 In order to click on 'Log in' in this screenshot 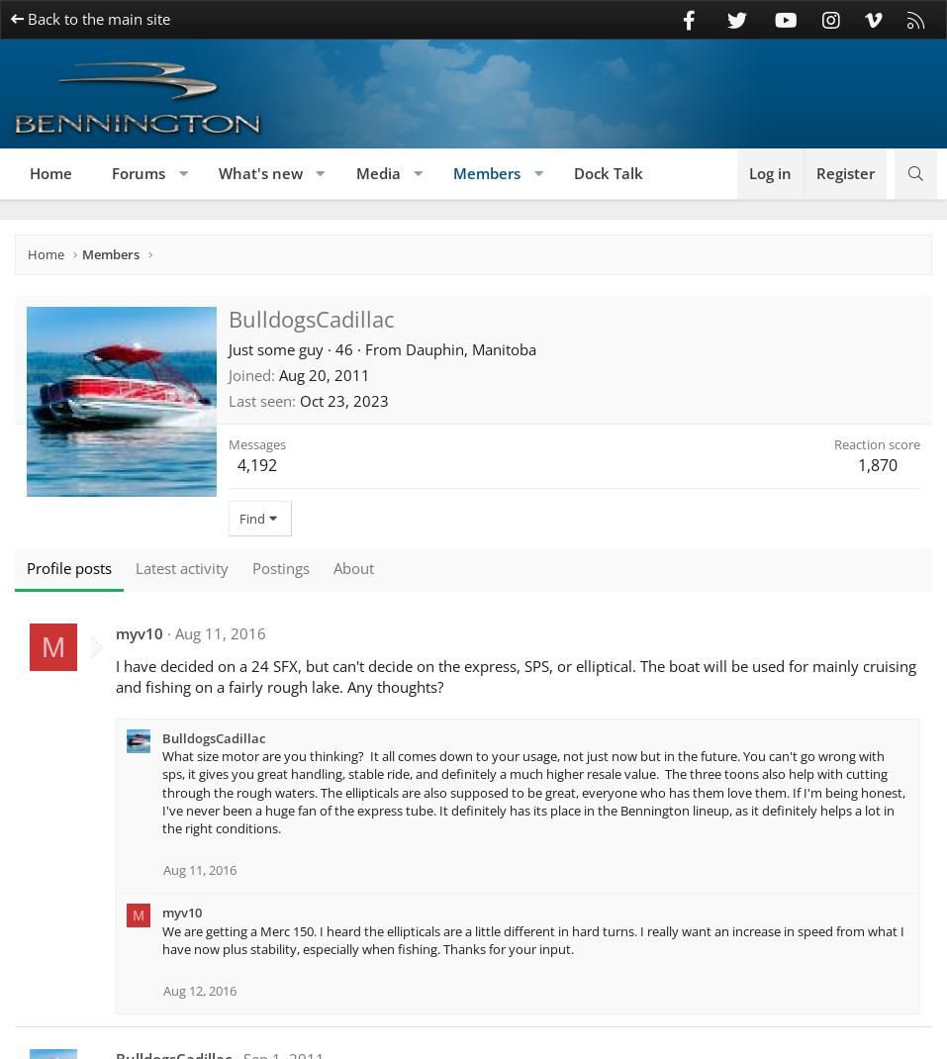, I will do `click(769, 171)`.